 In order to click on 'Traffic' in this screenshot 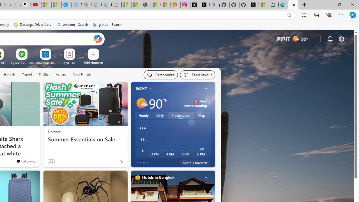, I will do `click(43, 74)`.